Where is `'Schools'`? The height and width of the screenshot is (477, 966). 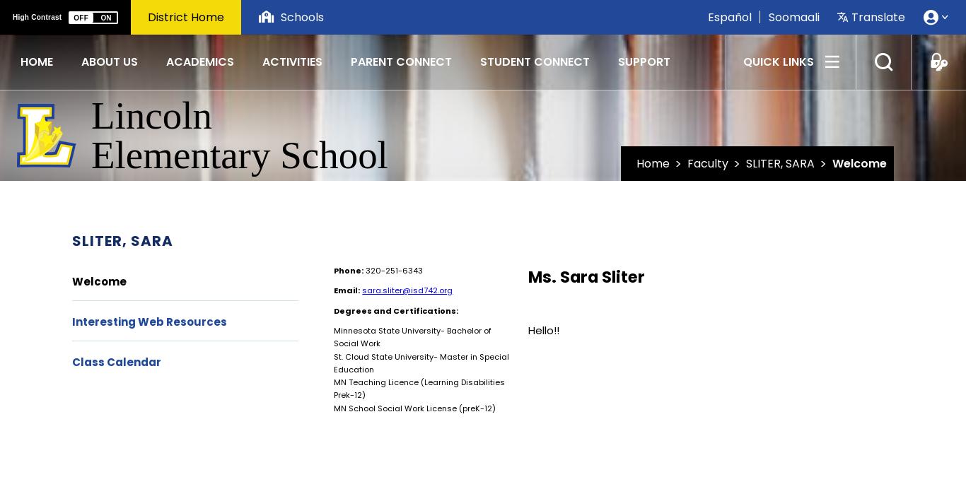 'Schools' is located at coordinates (301, 16).